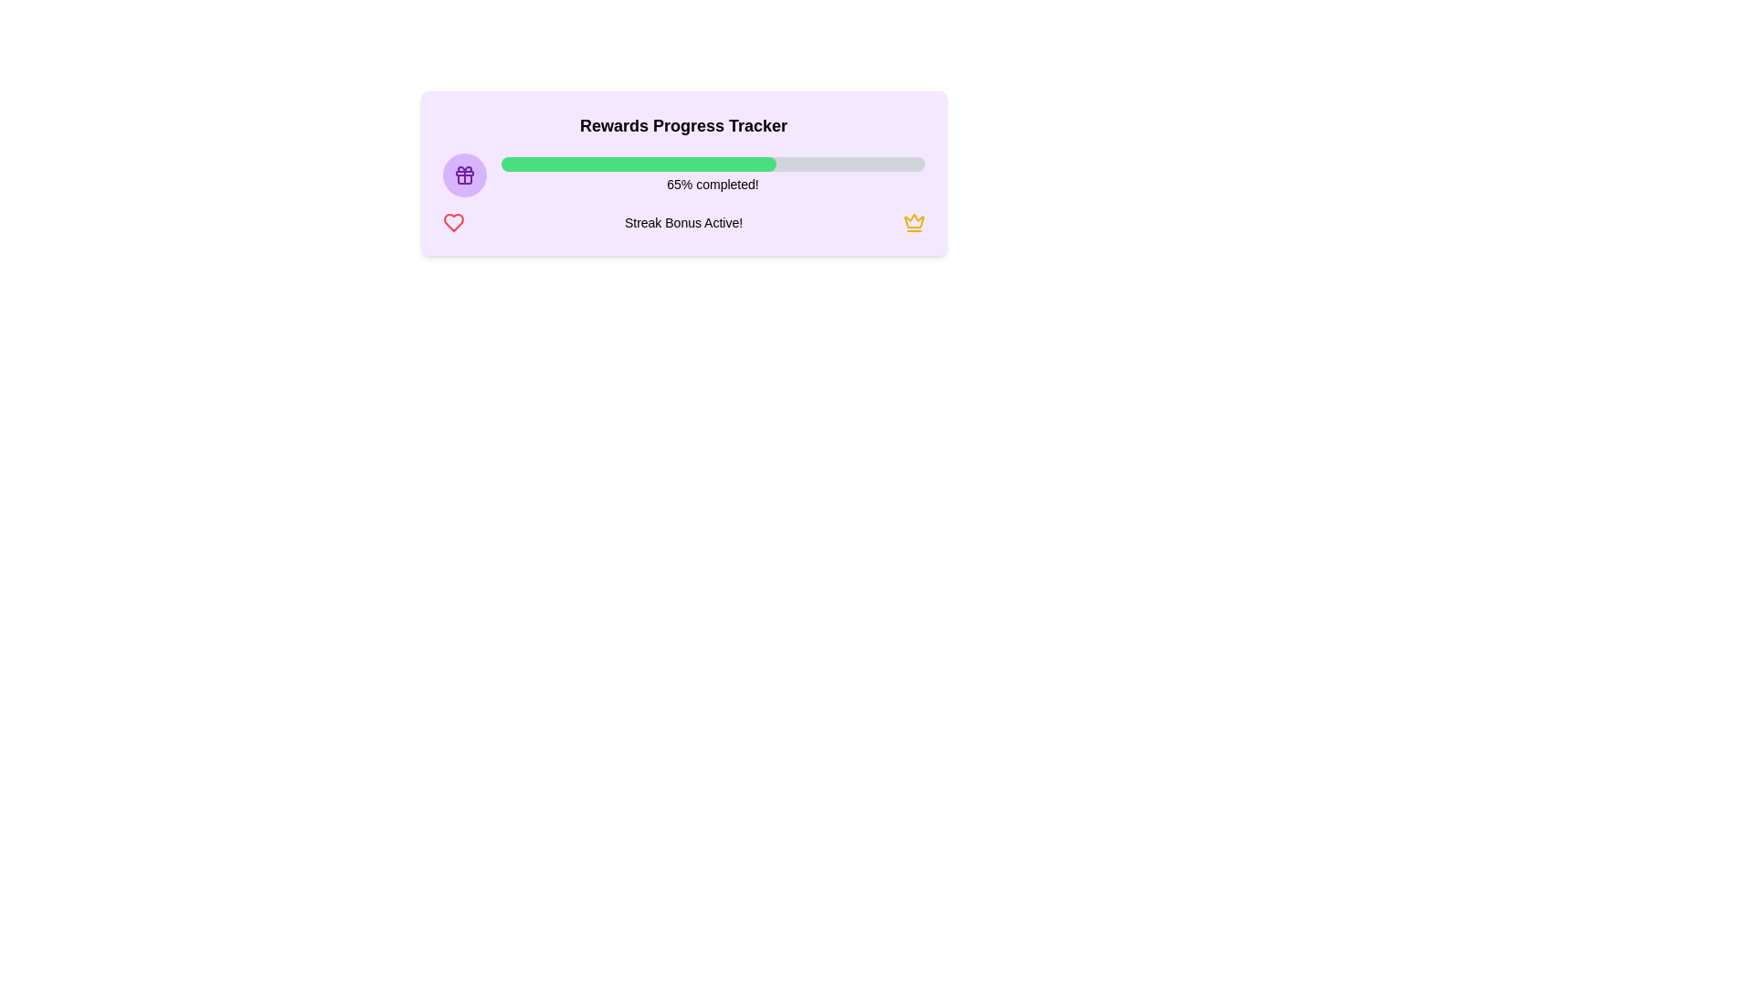 The image size is (1754, 987). Describe the element at coordinates (913, 220) in the screenshot. I see `the yellow crown icon in the rewards tracker interface, which symbolizes achievements and bonuses` at that location.